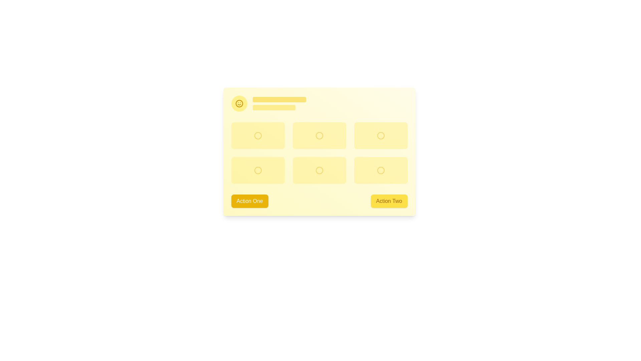 The width and height of the screenshot is (641, 361). I want to click on the yellow circle icon with a hollow center located in the second cell of the second row of a three-row grid, so click(319, 135).